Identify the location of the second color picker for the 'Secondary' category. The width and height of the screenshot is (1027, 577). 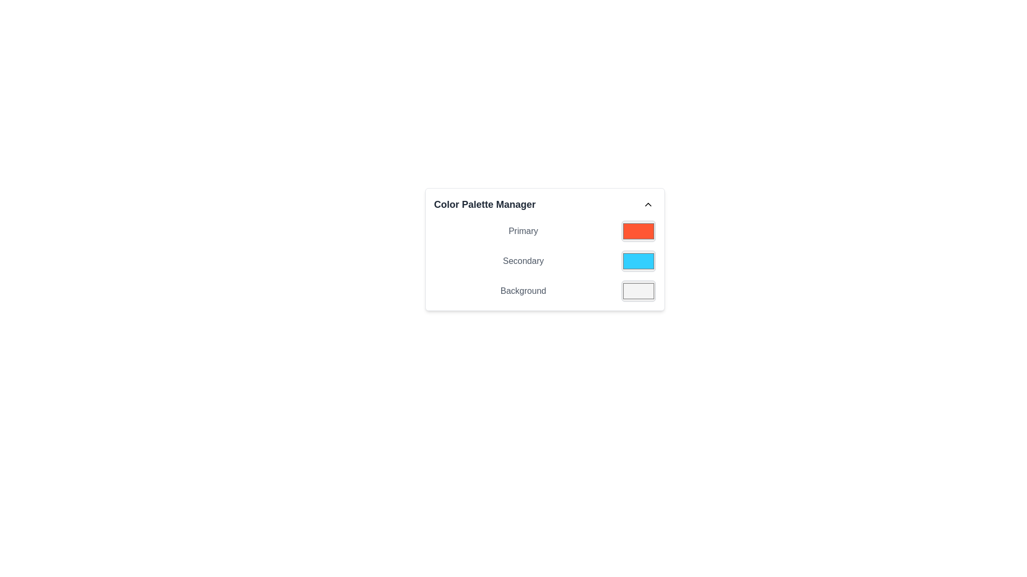
(638, 261).